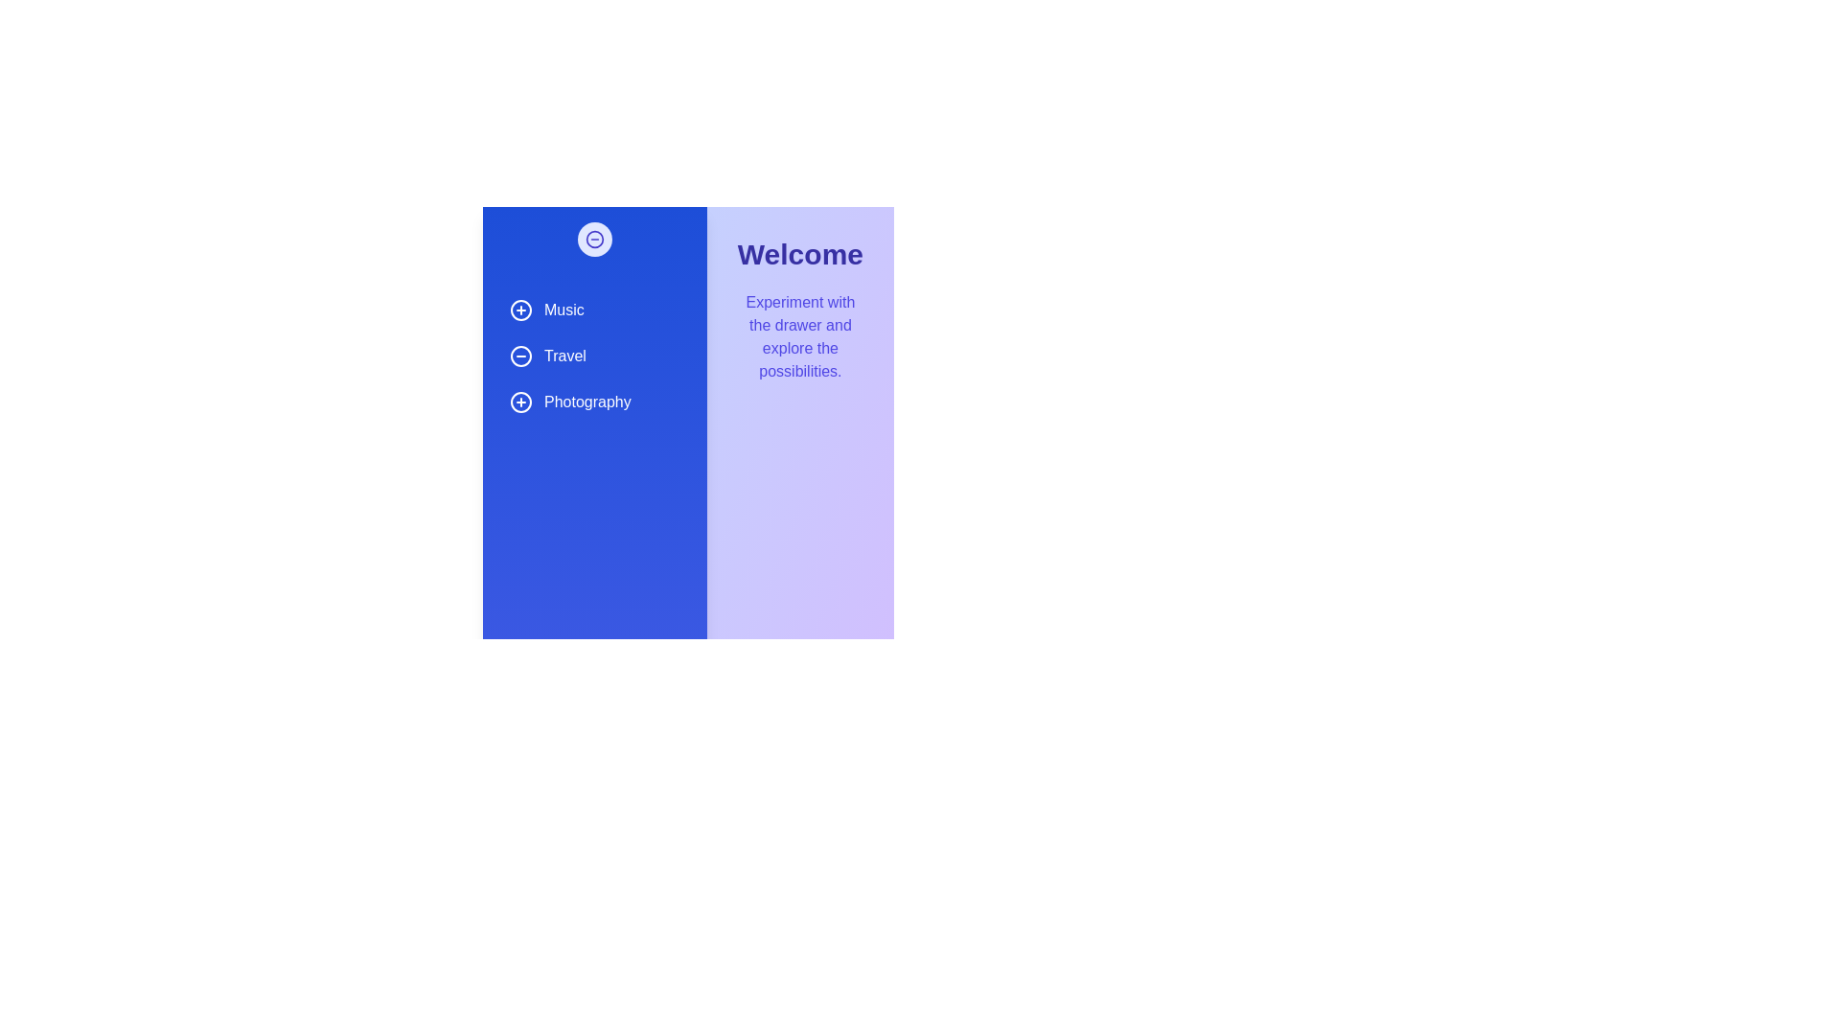  Describe the element at coordinates (593, 239) in the screenshot. I see `the button at the top of the drawer to toggle its open/close state` at that location.